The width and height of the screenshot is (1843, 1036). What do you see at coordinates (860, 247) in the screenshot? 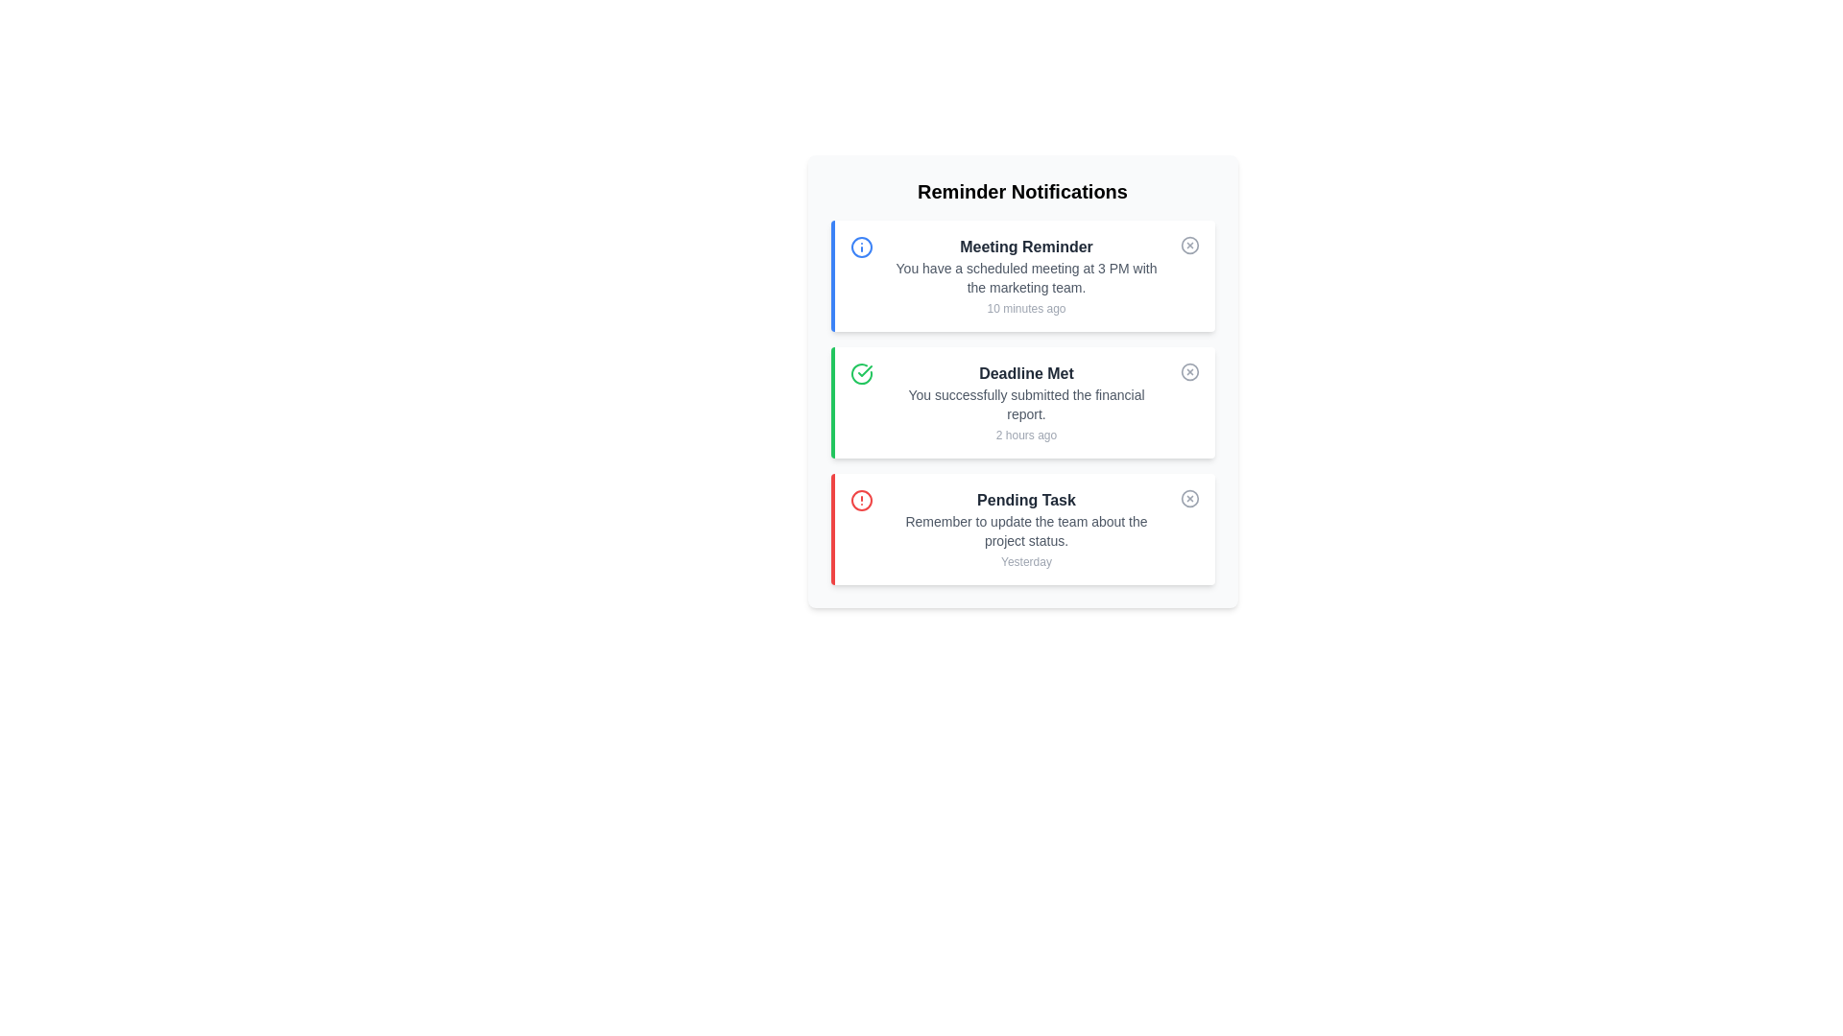
I see `the blue-bordered, white-filled SVG circle graphic located within the information icon of the 'Meeting Reminder' notification card` at bounding box center [860, 247].